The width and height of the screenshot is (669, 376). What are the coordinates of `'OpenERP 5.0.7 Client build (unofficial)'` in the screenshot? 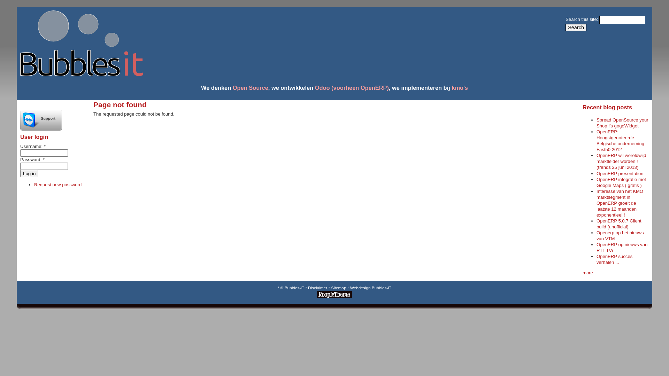 It's located at (619, 224).